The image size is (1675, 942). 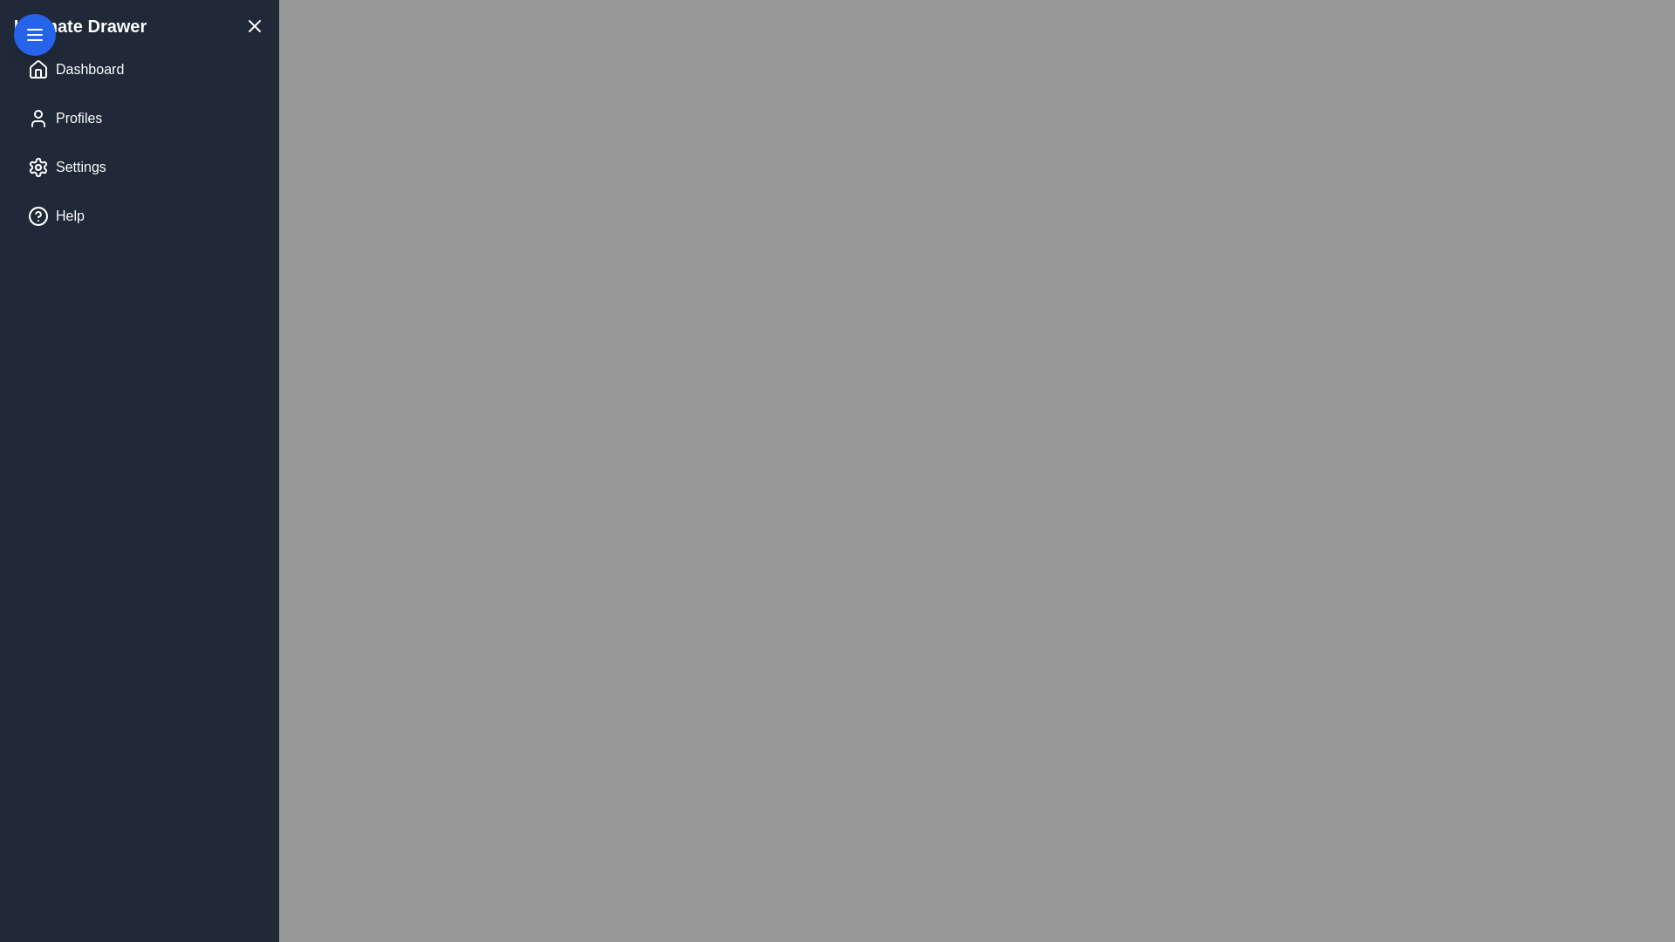 What do you see at coordinates (79, 167) in the screenshot?
I see `the 'Settings' menu item in the sidebar` at bounding box center [79, 167].